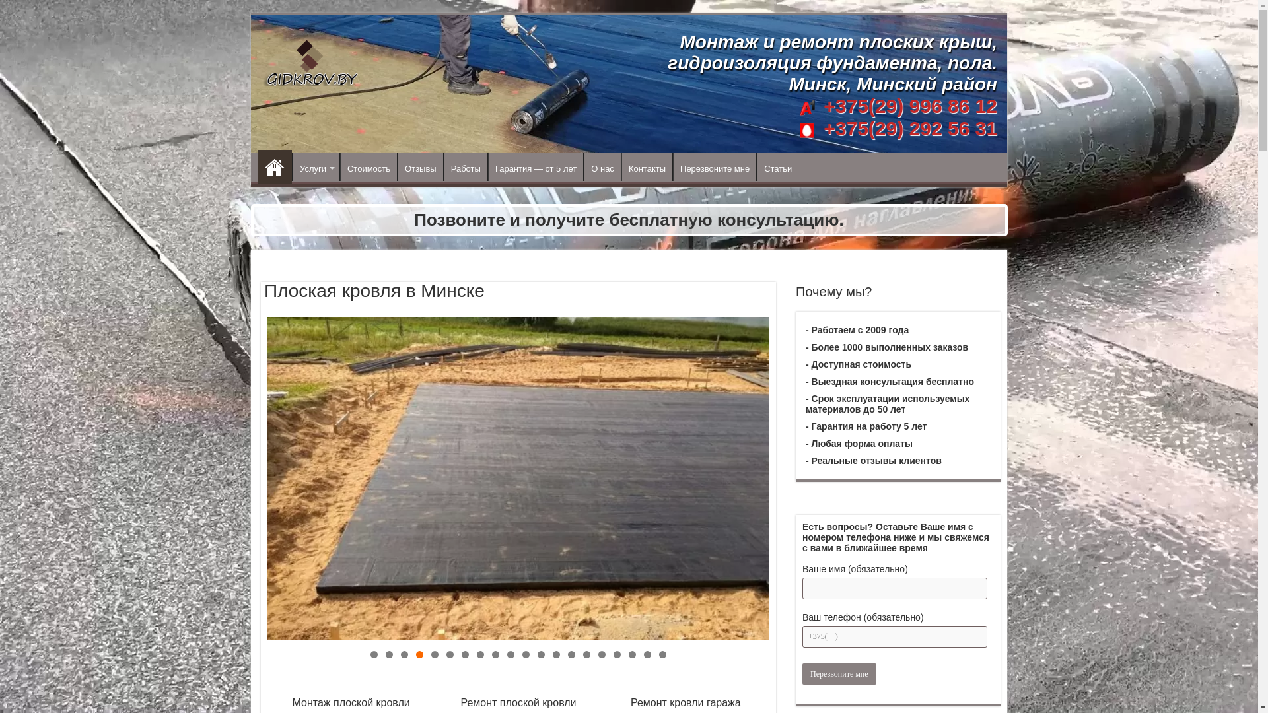 The height and width of the screenshot is (713, 1268). Describe the element at coordinates (479, 654) in the screenshot. I see `'8'` at that location.